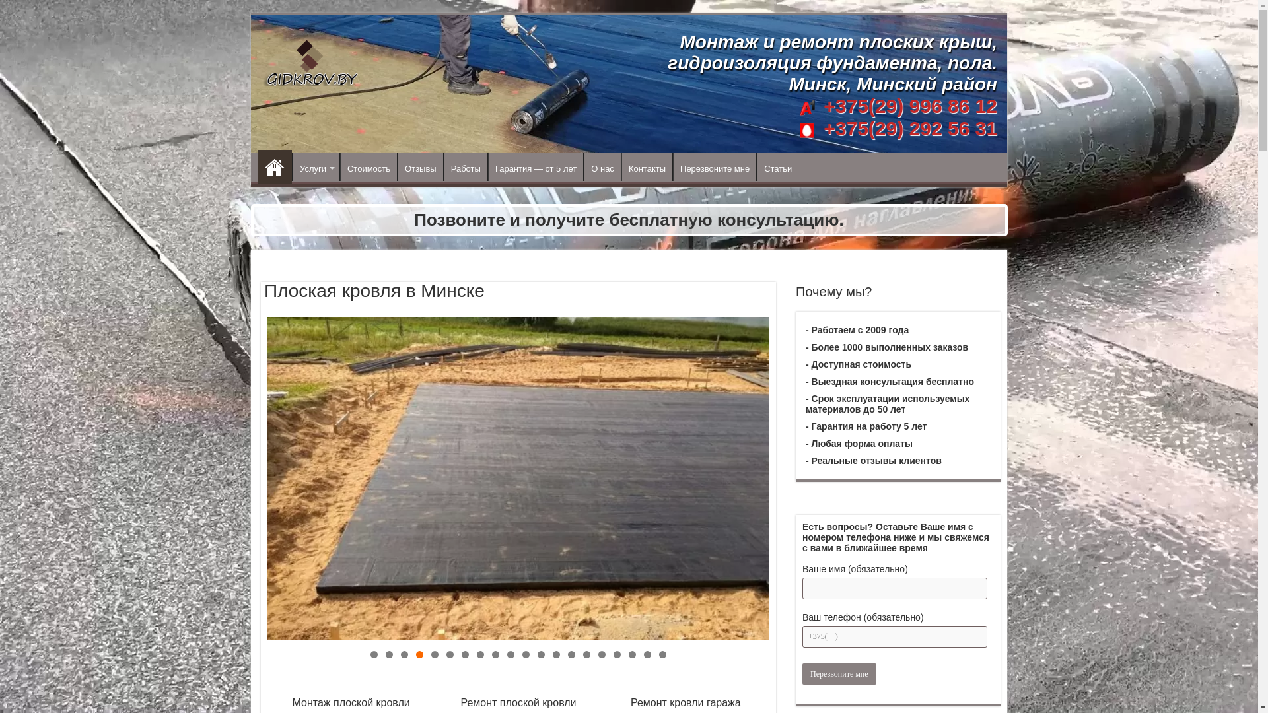 The height and width of the screenshot is (713, 1268). Describe the element at coordinates (479, 654) in the screenshot. I see `'8'` at that location.